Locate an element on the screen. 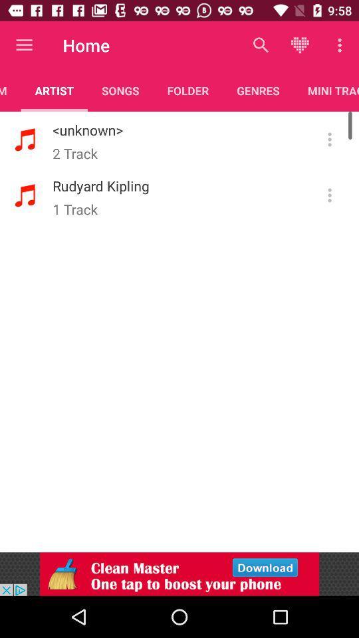  menu button is located at coordinates (329, 140).